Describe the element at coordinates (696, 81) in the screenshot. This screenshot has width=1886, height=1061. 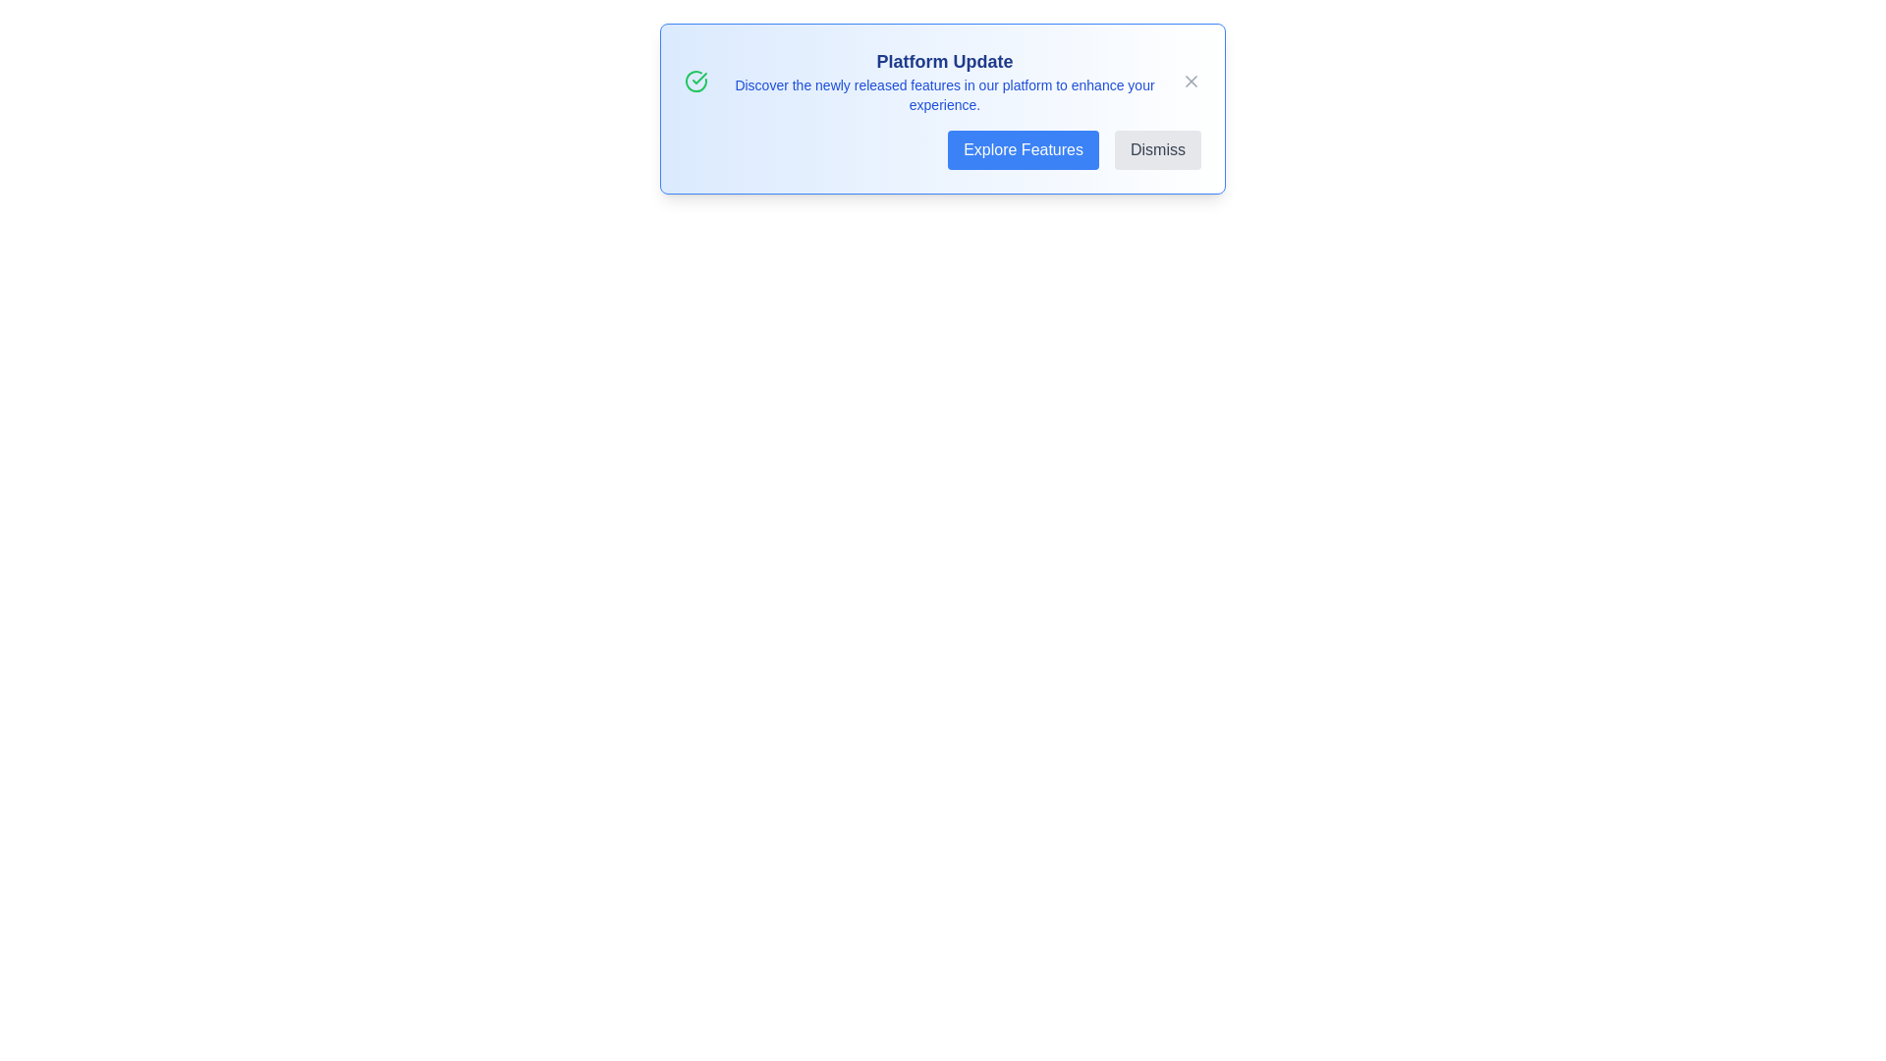
I see `the checkmark icon to interact with it` at that location.